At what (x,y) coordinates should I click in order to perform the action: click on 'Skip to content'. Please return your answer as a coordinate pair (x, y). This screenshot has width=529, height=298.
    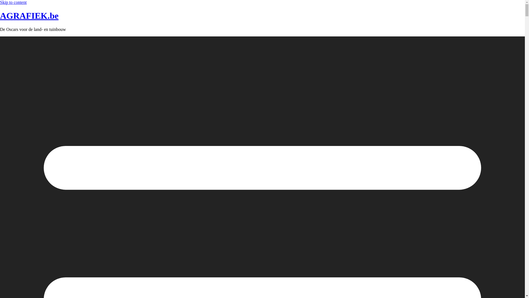
    Looking at the image, I should click on (13, 2).